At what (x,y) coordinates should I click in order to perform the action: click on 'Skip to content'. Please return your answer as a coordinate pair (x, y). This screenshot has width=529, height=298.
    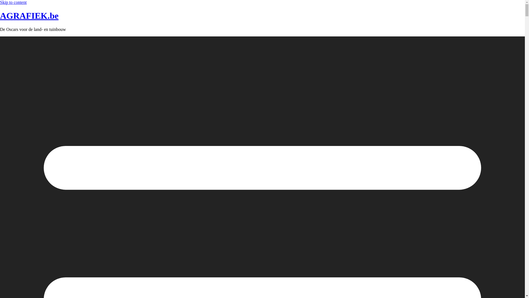
    Looking at the image, I should click on (13, 2).